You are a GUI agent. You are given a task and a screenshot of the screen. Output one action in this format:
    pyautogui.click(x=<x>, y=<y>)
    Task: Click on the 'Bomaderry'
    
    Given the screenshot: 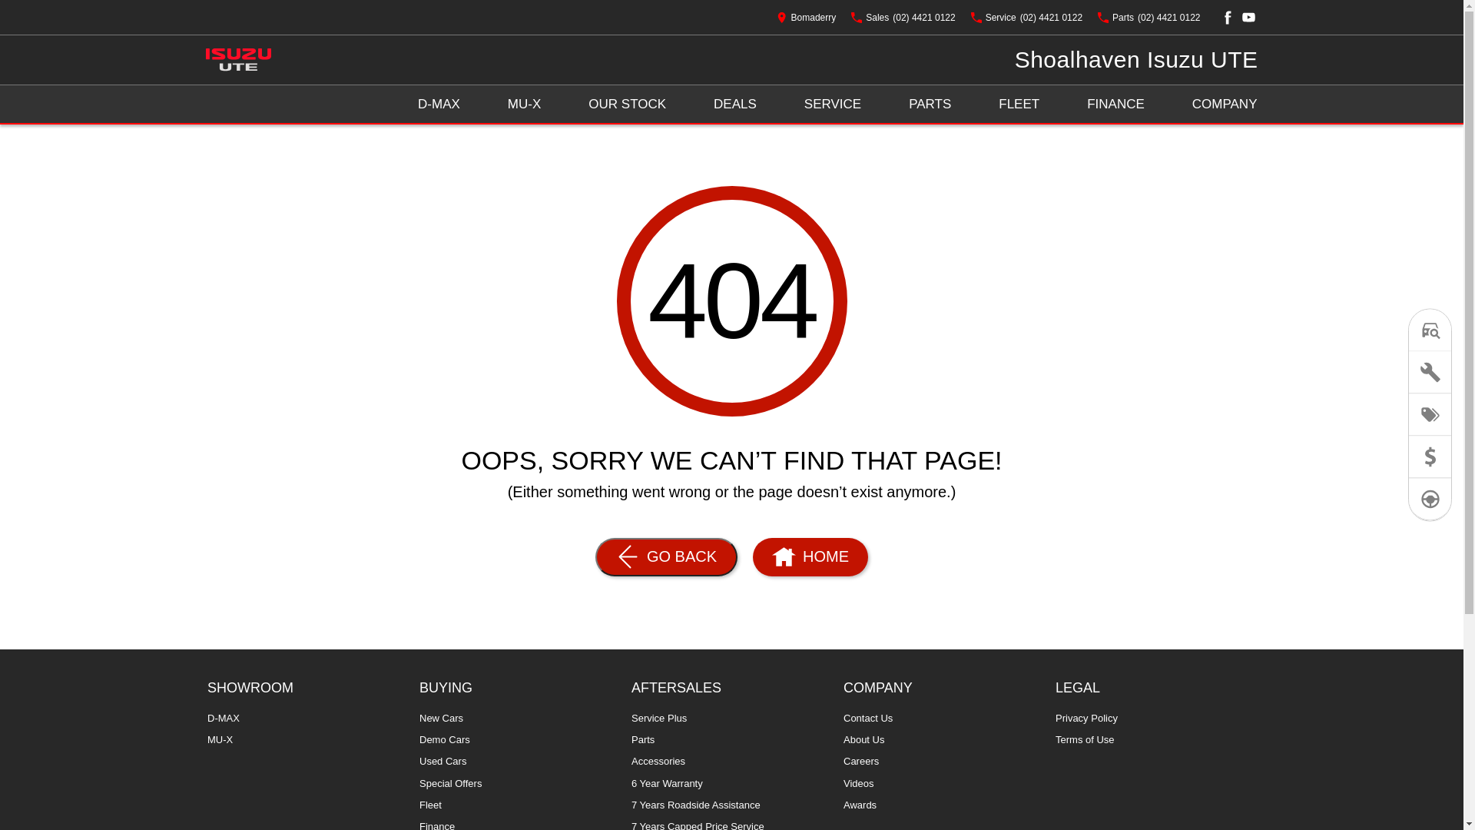 What is the action you would take?
    pyautogui.click(x=806, y=17)
    